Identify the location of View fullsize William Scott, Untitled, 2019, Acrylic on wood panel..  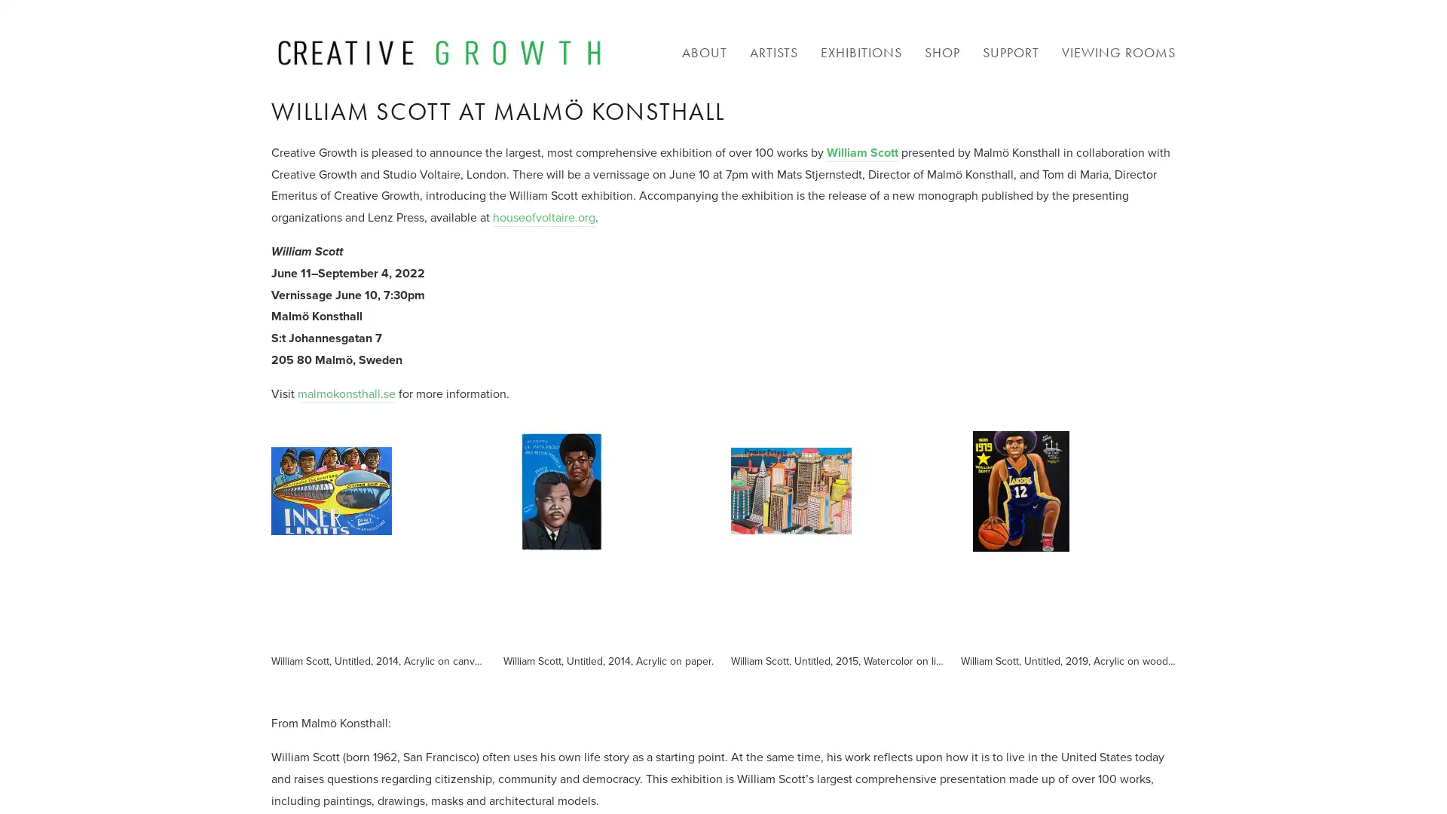
(1067, 537).